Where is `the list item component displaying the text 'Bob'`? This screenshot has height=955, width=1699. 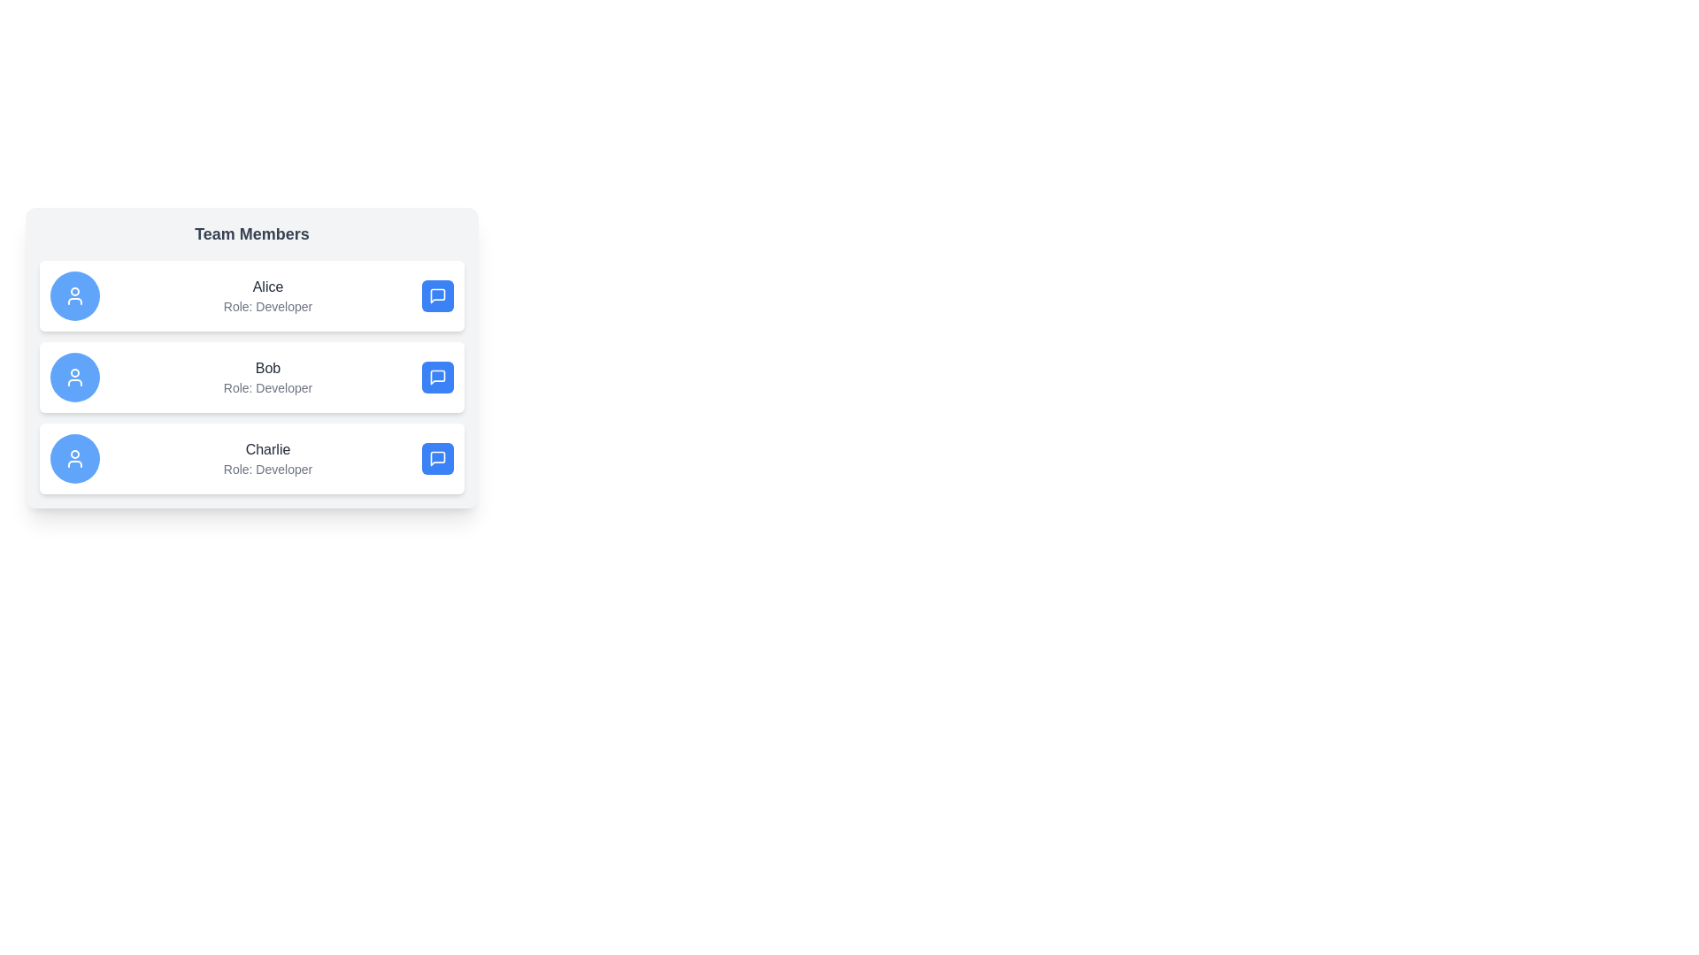 the list item component displaying the text 'Bob' is located at coordinates (250, 377).